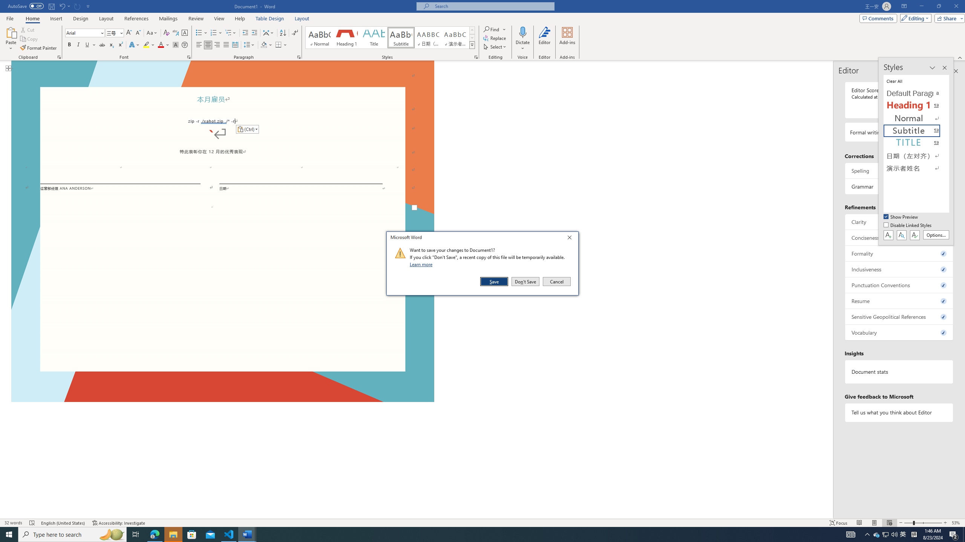 This screenshot has height=542, width=965. What do you see at coordinates (899, 186) in the screenshot?
I see `'Grammar, 1 issue. Press space or enter to review items.'` at bounding box center [899, 186].